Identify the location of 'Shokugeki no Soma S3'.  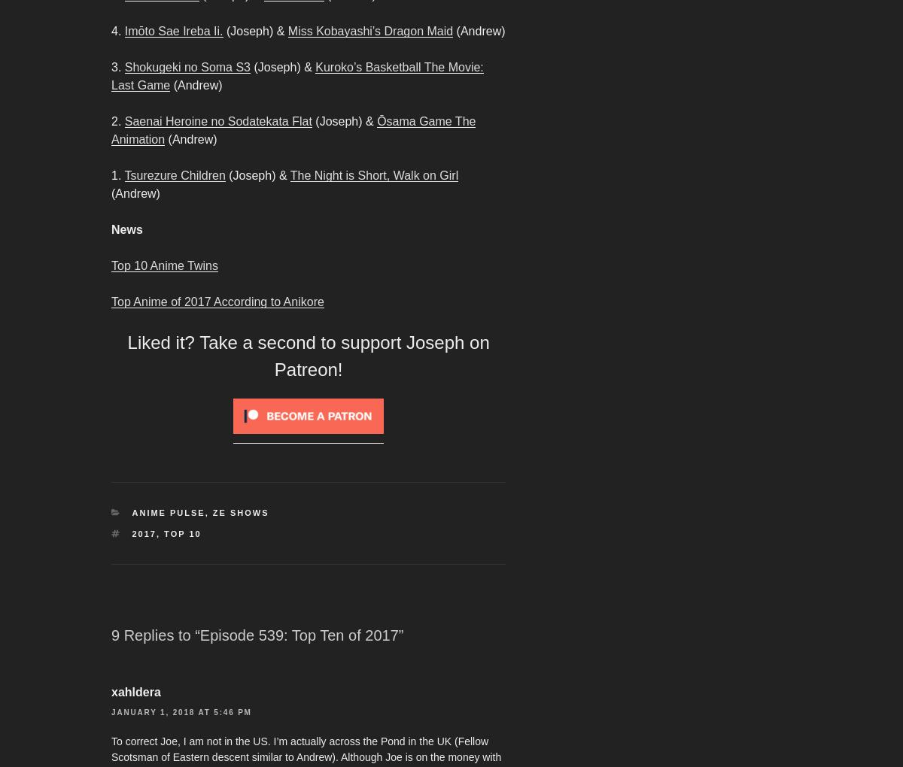
(123, 66).